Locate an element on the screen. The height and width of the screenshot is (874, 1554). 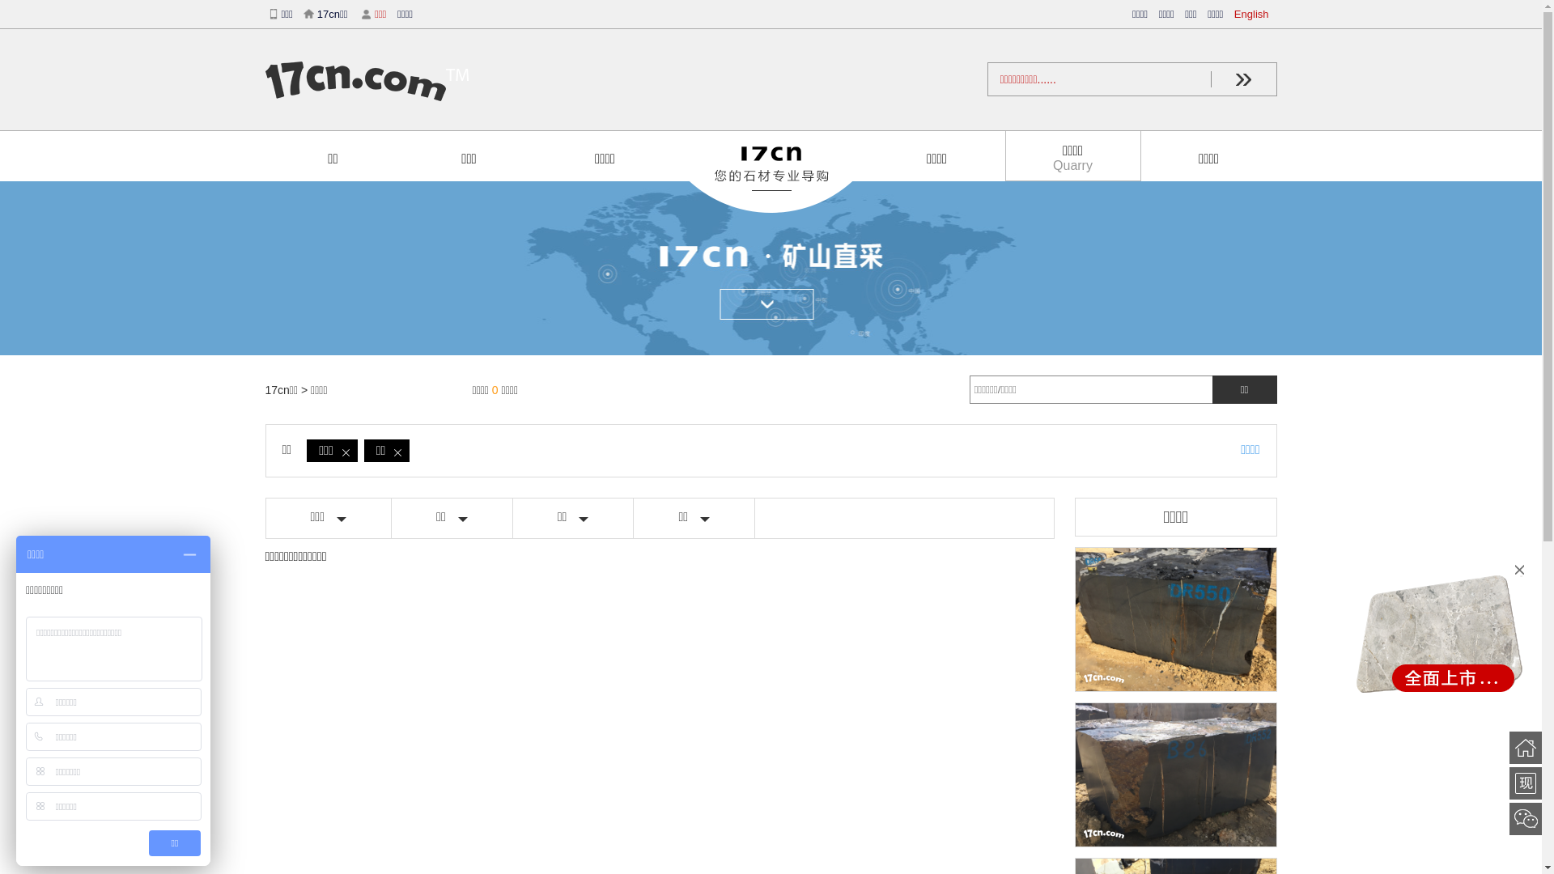
'English' is located at coordinates (1255, 14).